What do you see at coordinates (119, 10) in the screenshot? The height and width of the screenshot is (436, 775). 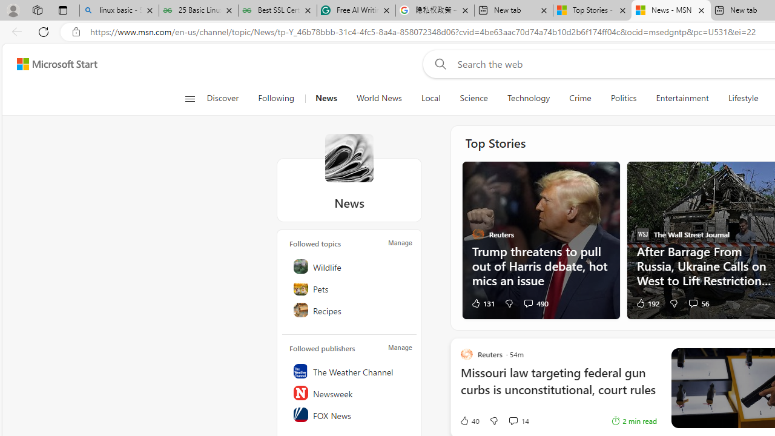 I see `'linux basic - Search'` at bounding box center [119, 10].